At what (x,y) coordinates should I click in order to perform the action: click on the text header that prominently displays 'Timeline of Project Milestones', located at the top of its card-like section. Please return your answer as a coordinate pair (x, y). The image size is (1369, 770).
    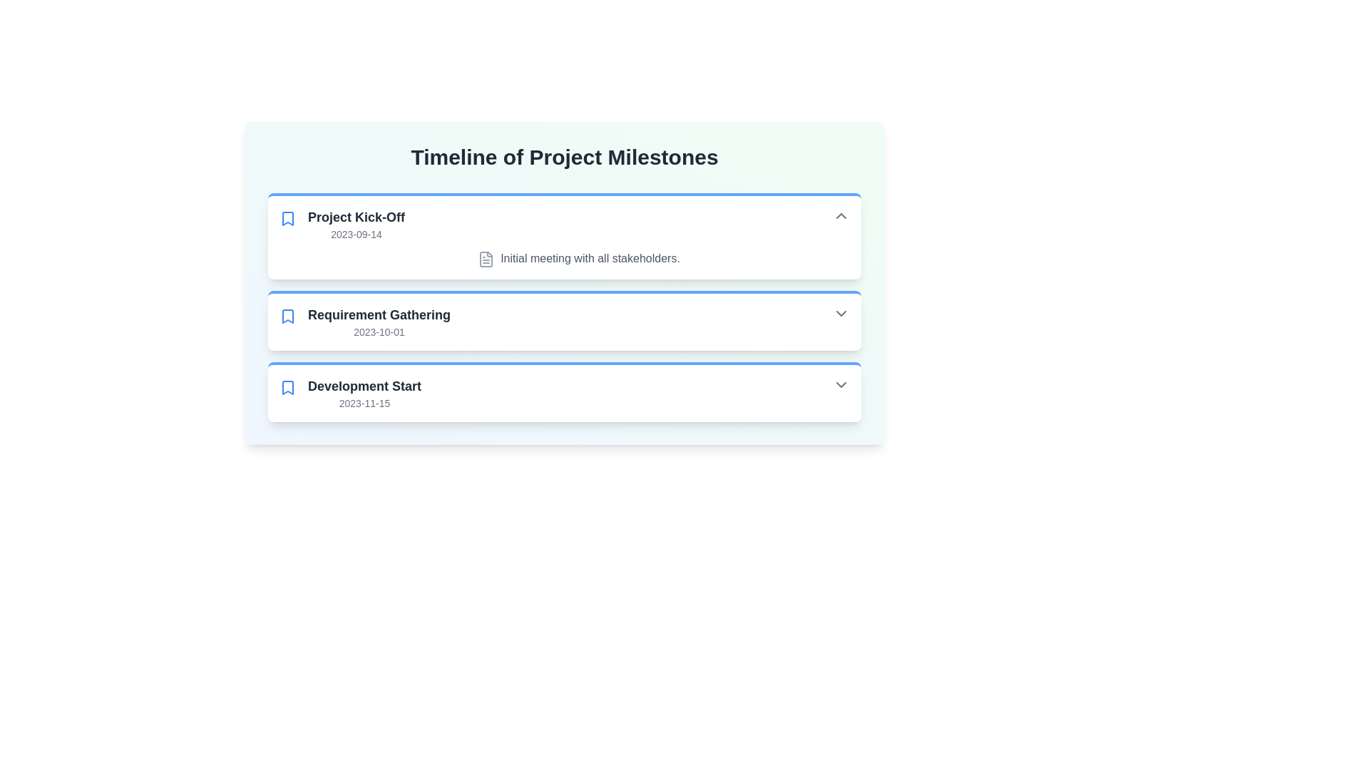
    Looking at the image, I should click on (564, 157).